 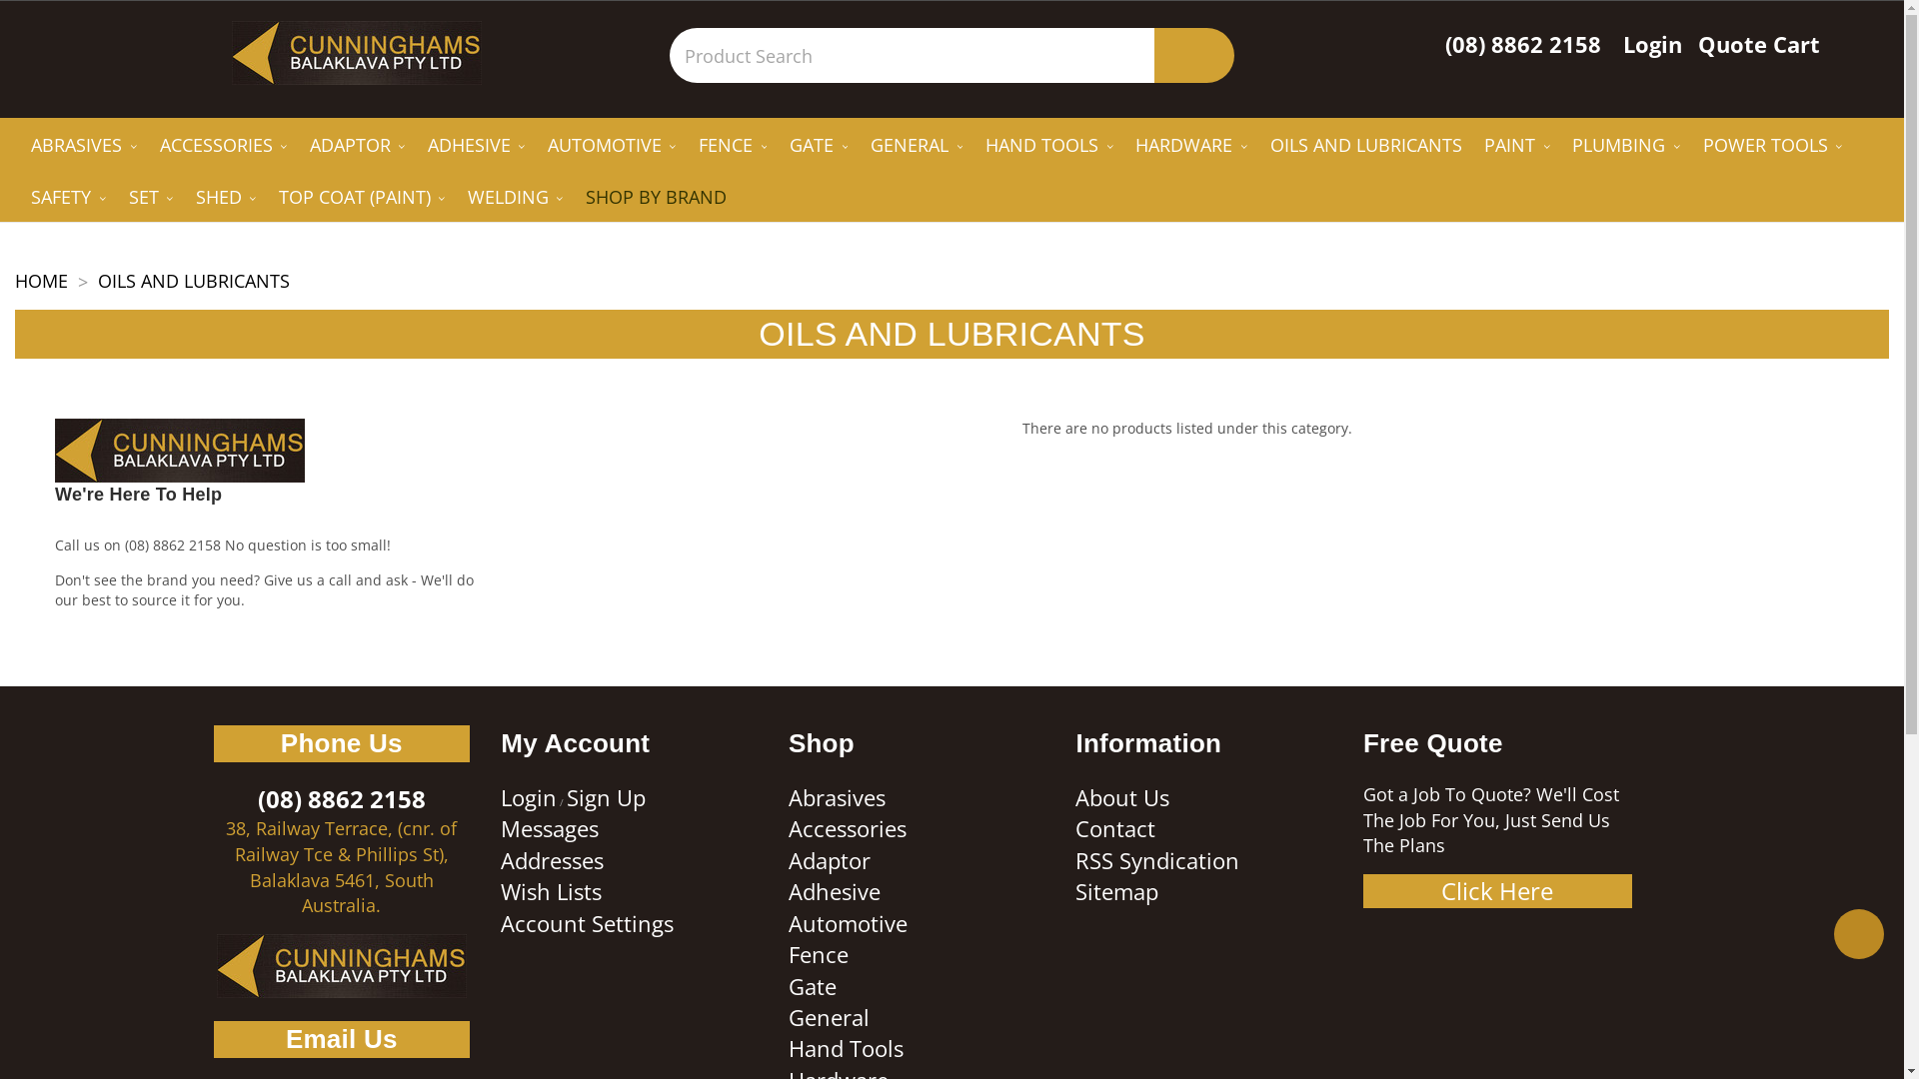 I want to click on 'ABRASIVES', so click(x=83, y=146).